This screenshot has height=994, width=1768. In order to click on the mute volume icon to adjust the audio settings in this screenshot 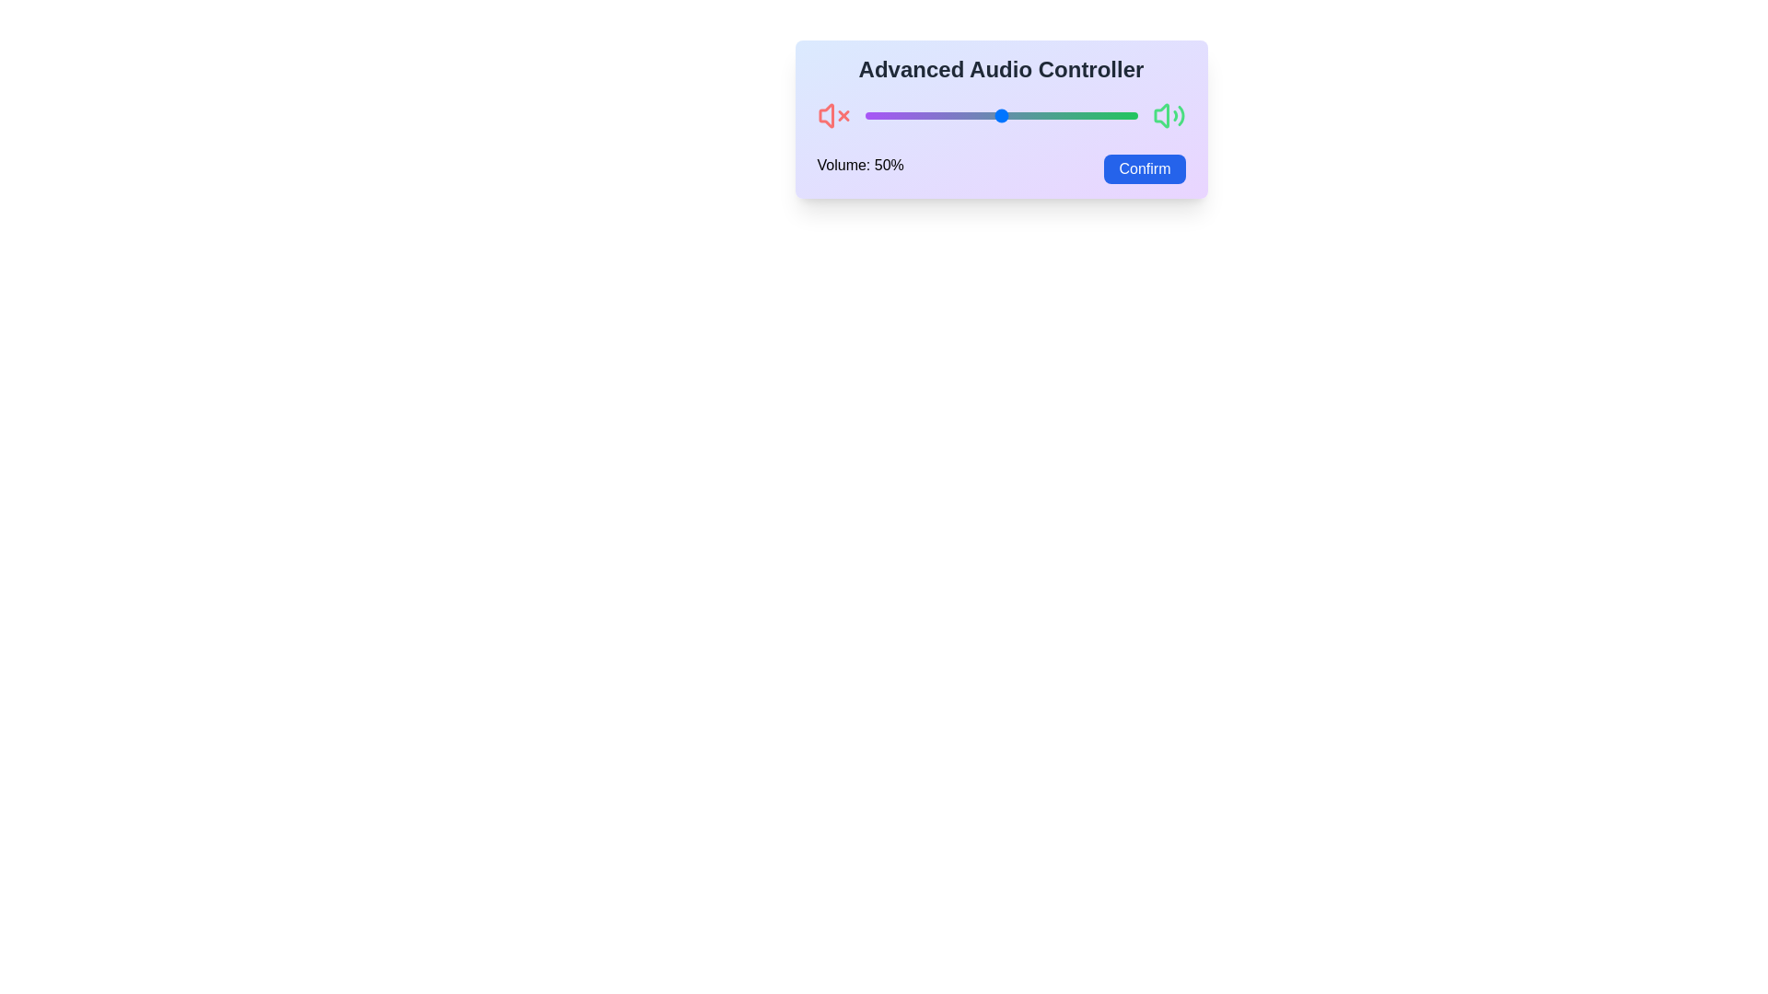, I will do `click(832, 116)`.